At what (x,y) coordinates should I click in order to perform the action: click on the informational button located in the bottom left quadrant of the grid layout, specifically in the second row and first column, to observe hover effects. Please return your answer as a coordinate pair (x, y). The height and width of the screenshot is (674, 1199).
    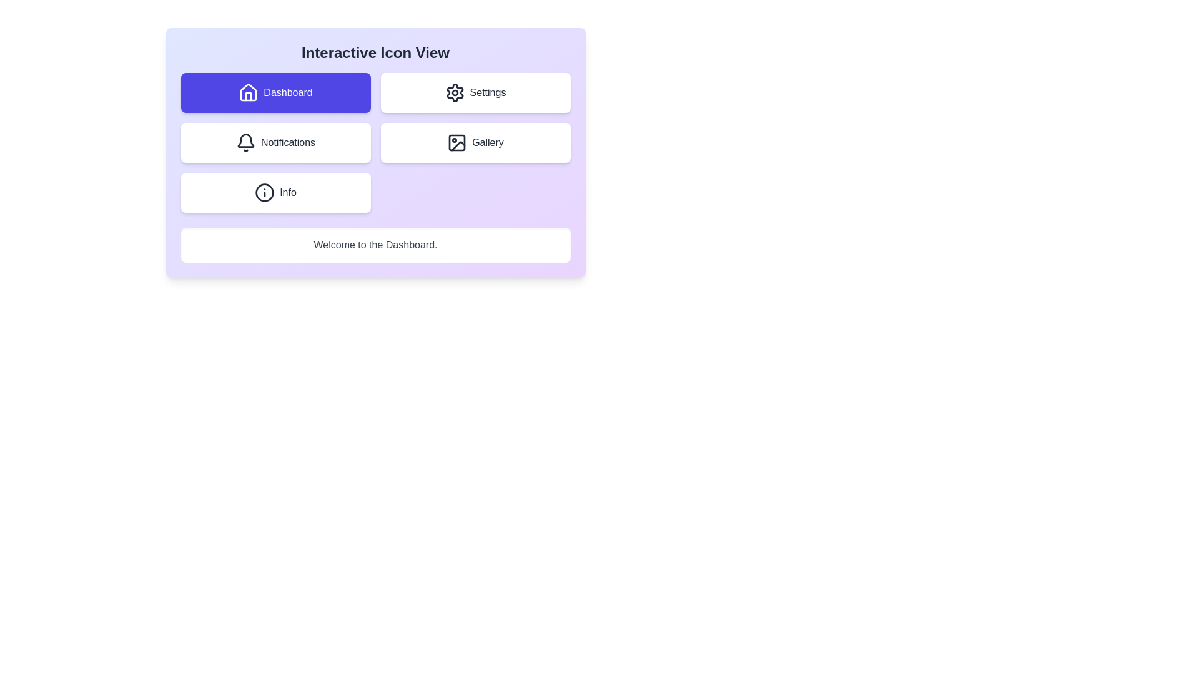
    Looking at the image, I should click on (275, 192).